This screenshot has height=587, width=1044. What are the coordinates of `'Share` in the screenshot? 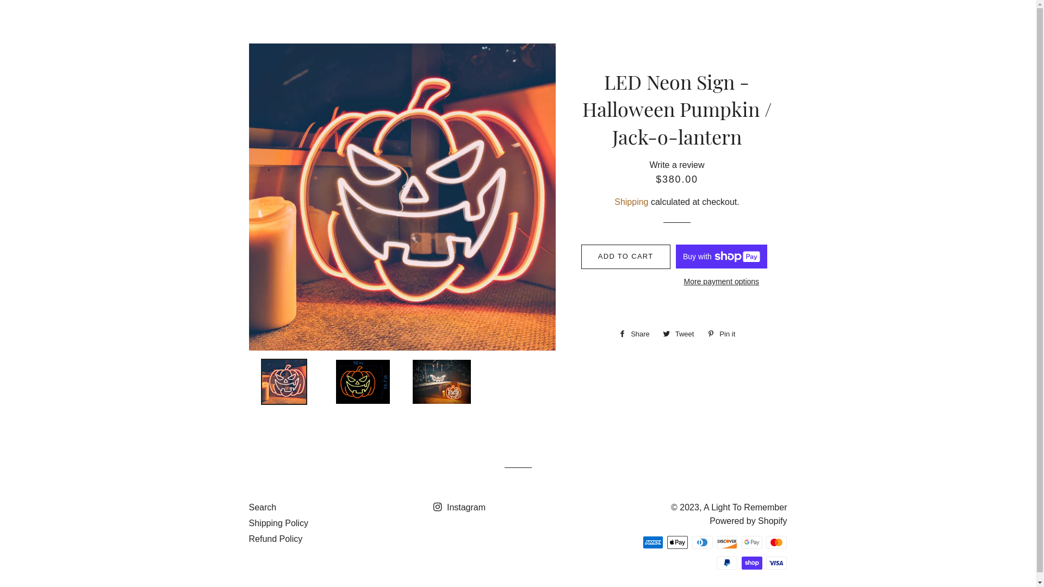 It's located at (634, 333).